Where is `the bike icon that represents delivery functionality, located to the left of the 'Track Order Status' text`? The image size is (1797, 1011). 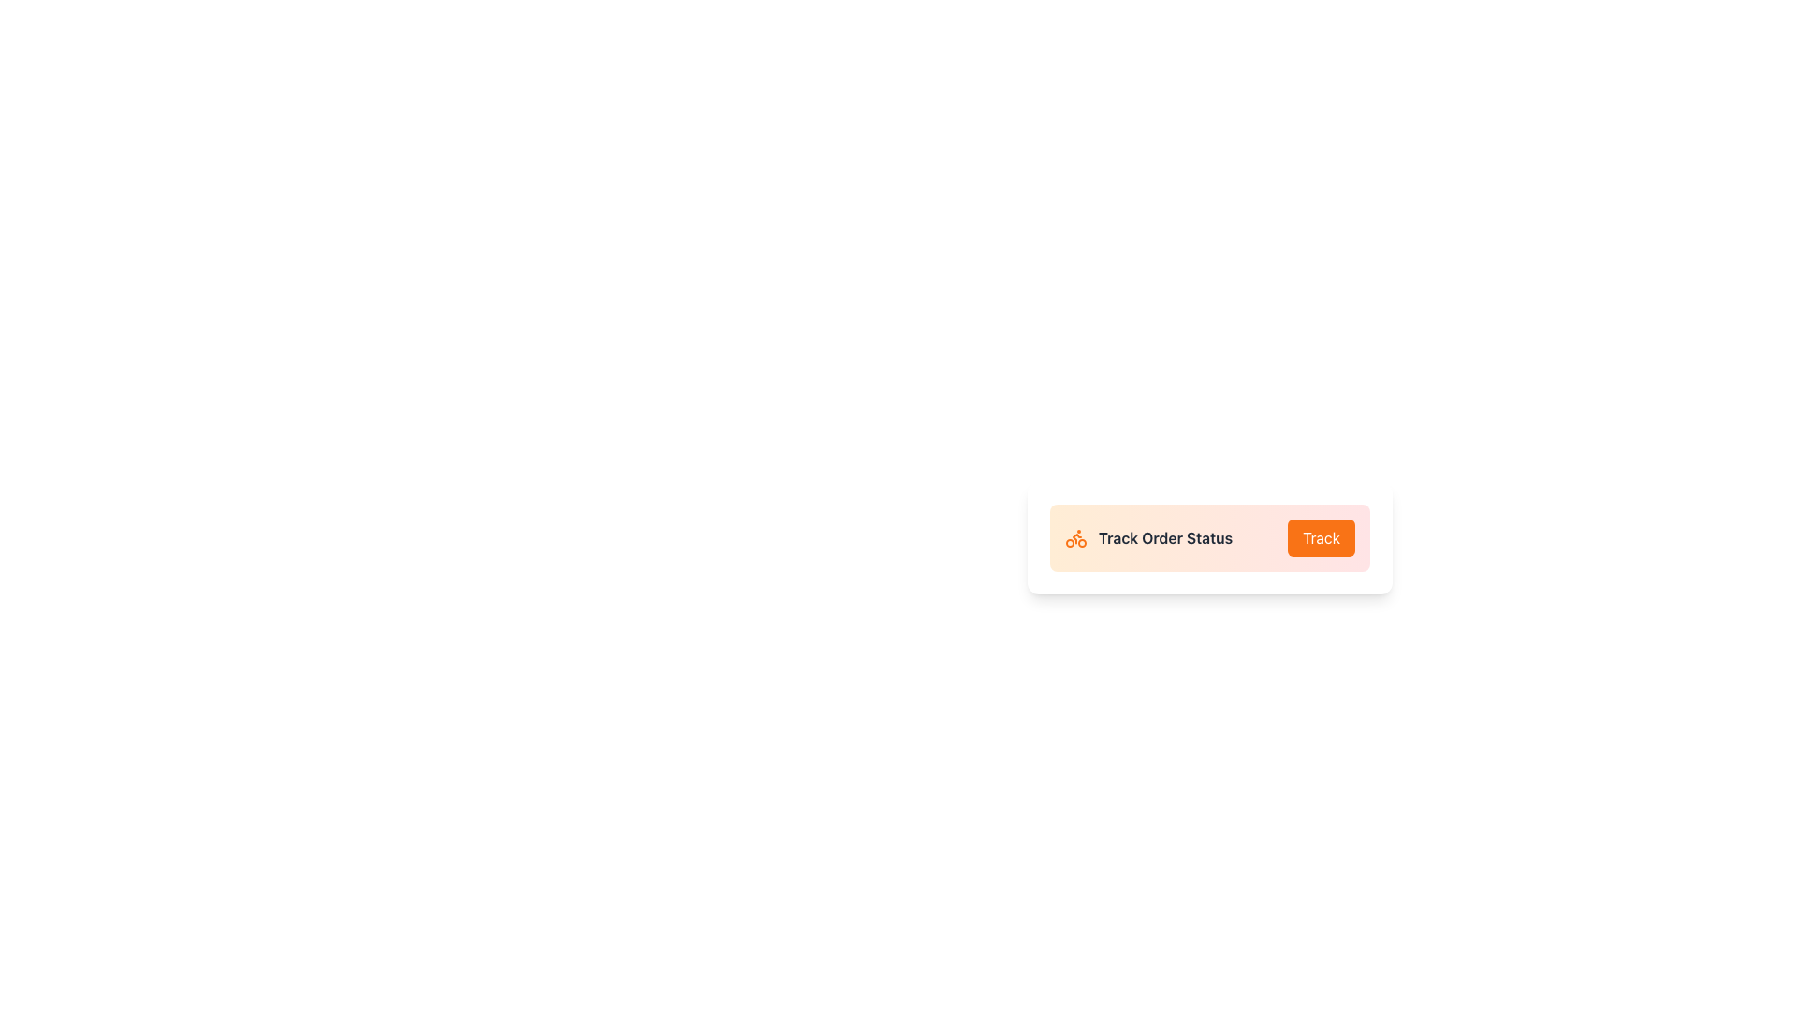 the bike icon that represents delivery functionality, located to the left of the 'Track Order Status' text is located at coordinates (1076, 537).